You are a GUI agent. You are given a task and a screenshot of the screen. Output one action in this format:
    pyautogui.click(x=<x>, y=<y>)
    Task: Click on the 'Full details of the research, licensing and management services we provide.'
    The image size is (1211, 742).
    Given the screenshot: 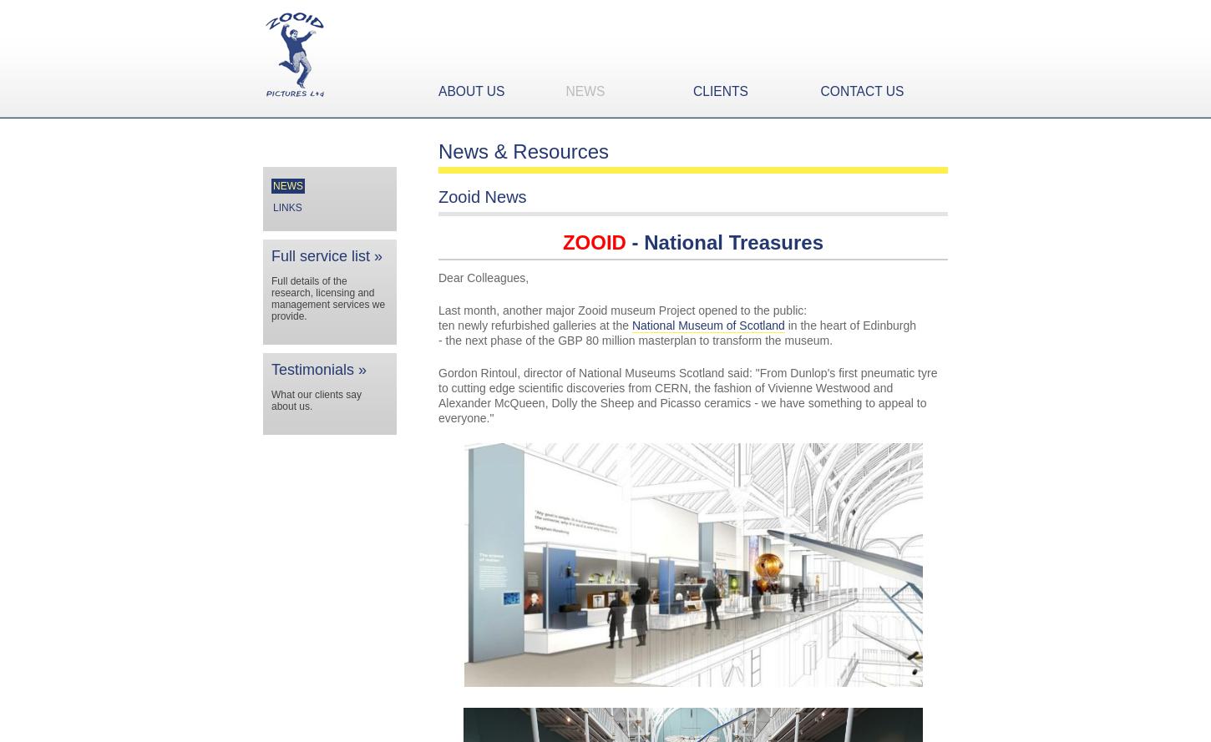 What is the action you would take?
    pyautogui.click(x=327, y=298)
    